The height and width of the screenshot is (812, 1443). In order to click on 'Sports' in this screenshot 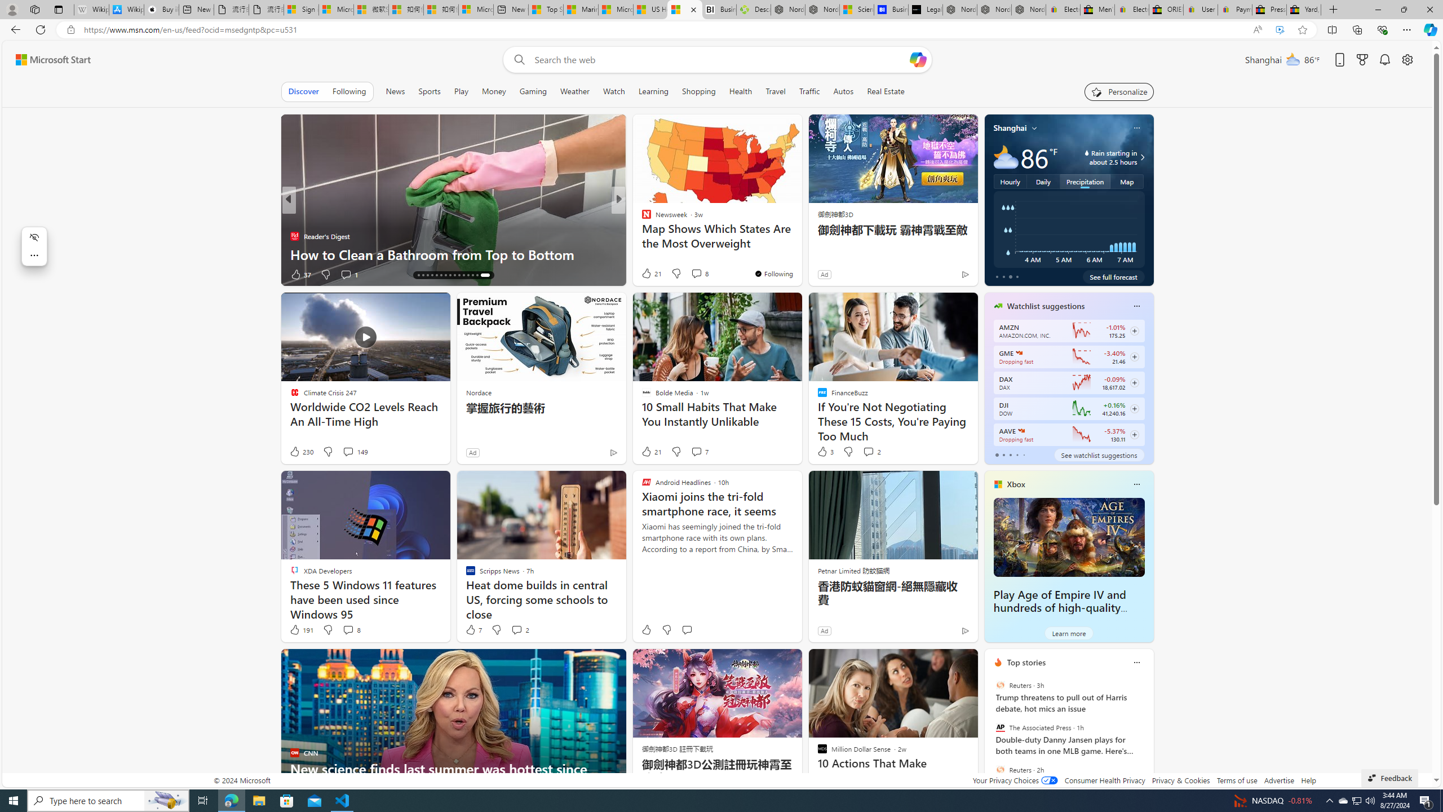, I will do `click(429, 91)`.